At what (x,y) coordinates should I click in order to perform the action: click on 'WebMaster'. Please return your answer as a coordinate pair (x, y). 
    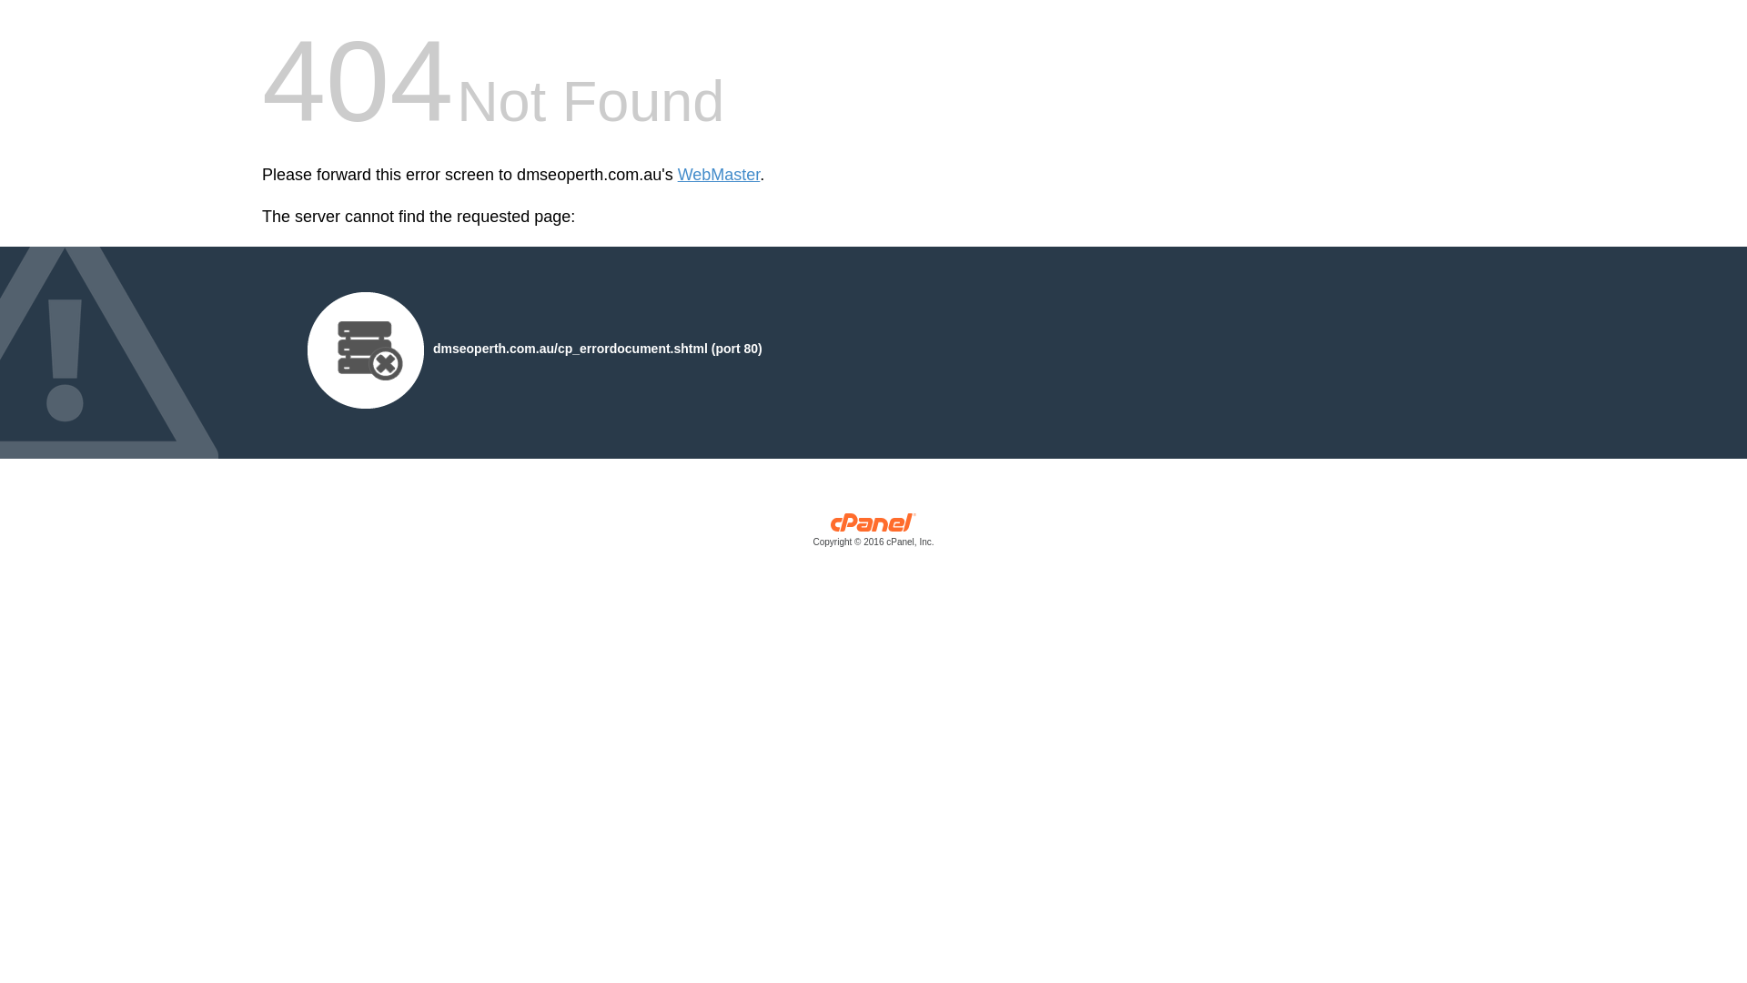
    Looking at the image, I should click on (676, 175).